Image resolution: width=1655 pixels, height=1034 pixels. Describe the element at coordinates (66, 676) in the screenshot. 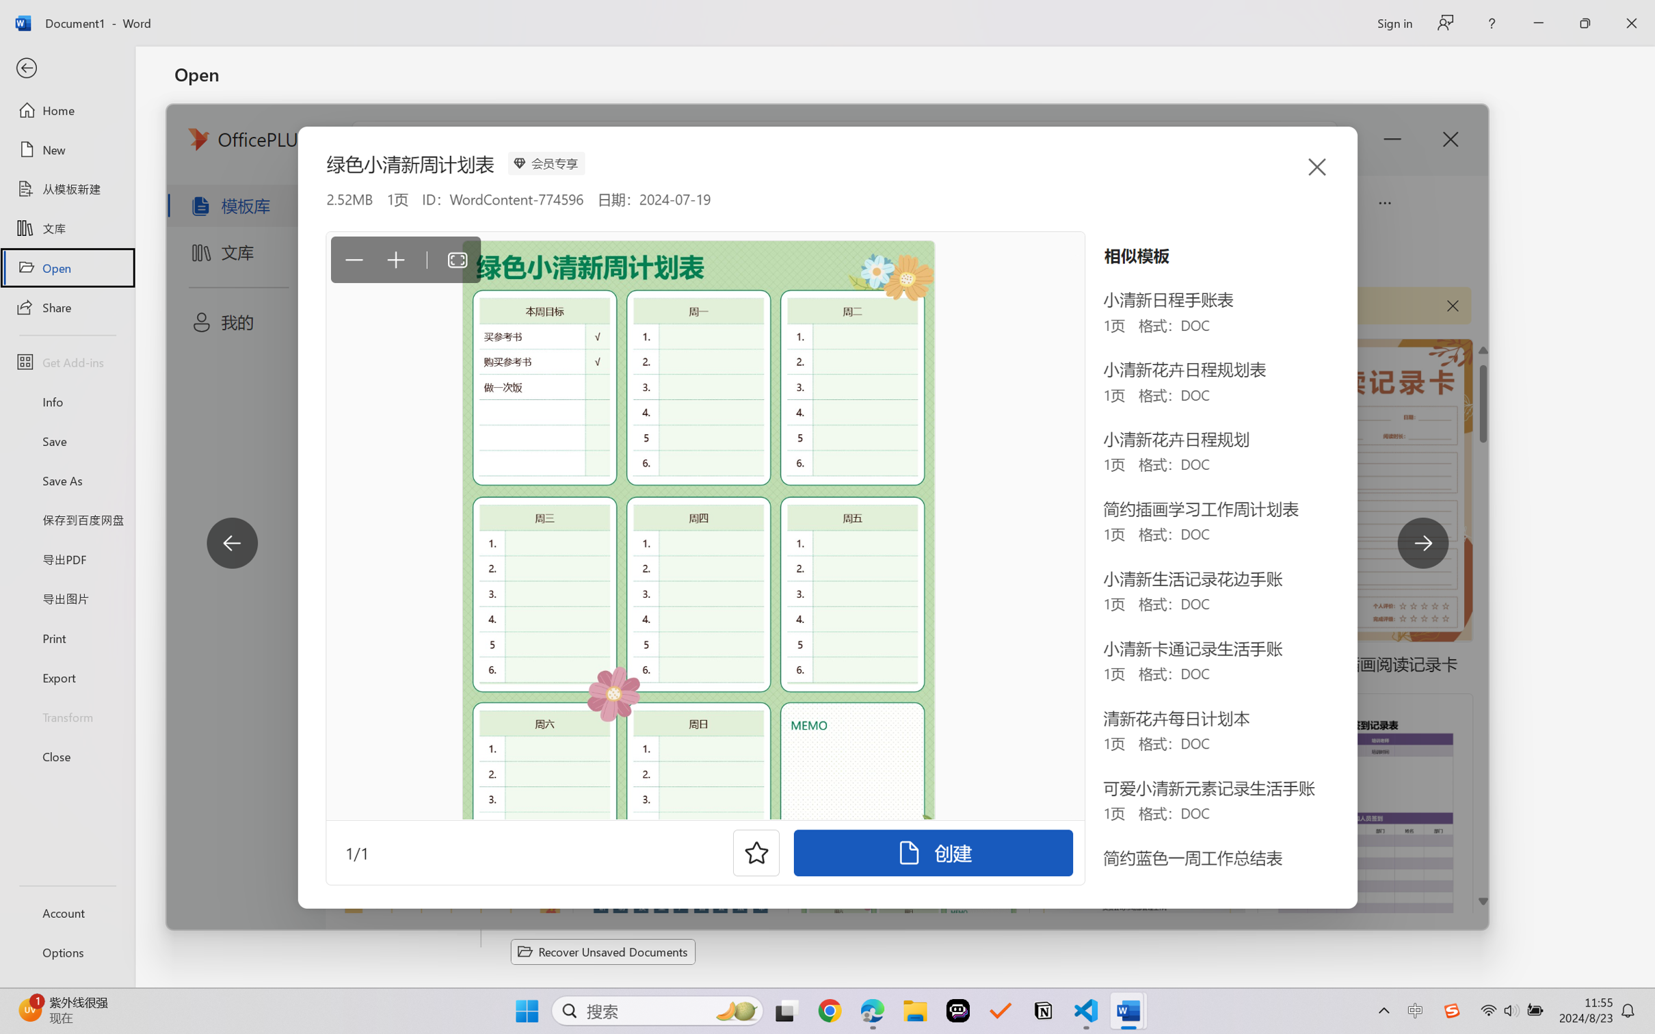

I see `'Export'` at that location.